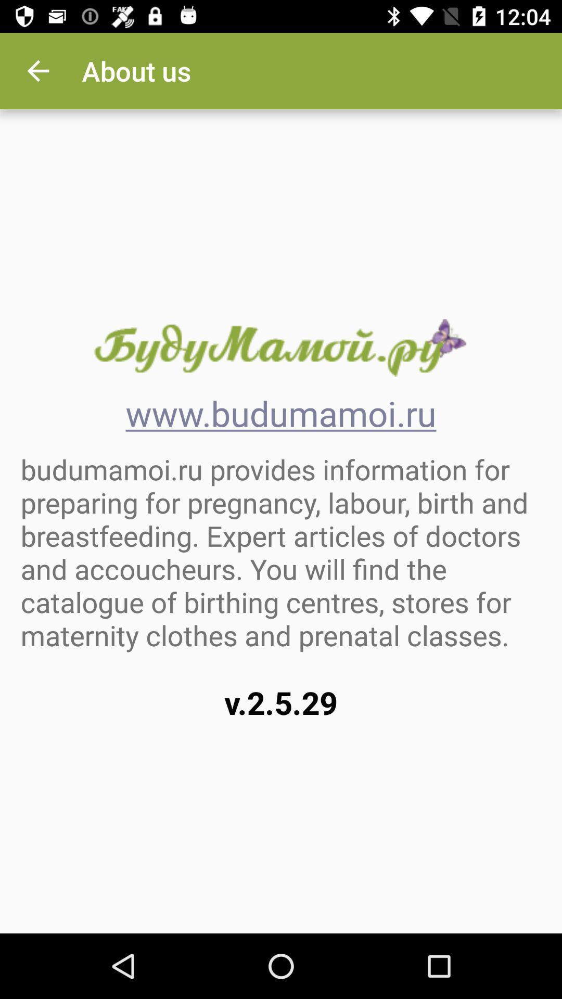 The image size is (562, 999). What do you see at coordinates (280, 348) in the screenshot?
I see `www.budumamoi.ru` at bounding box center [280, 348].